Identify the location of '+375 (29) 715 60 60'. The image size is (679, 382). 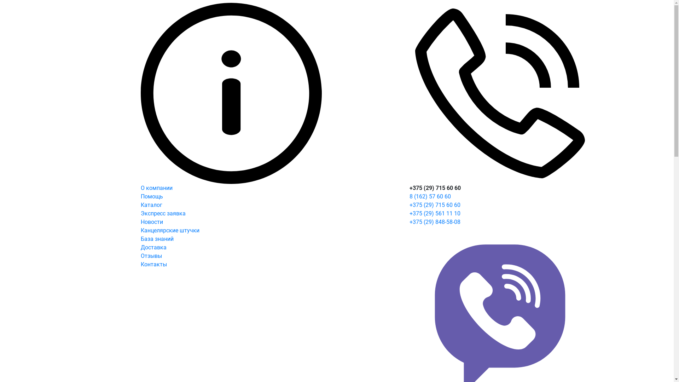
(409, 205).